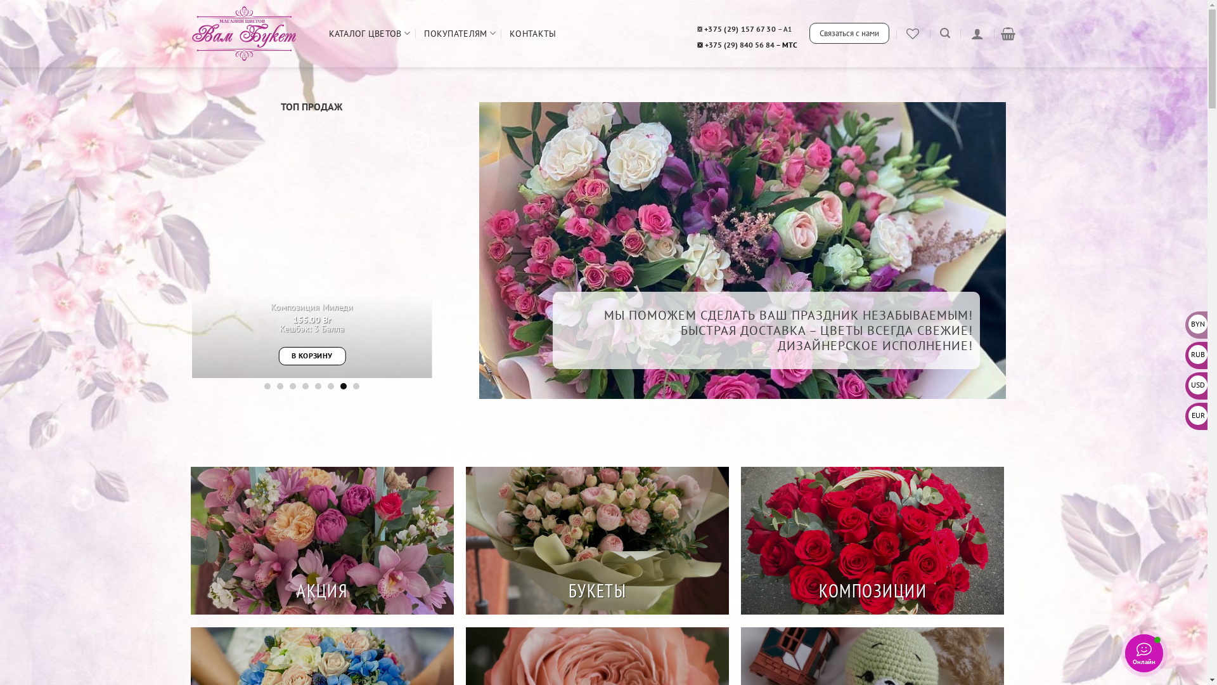 This screenshot has width=1217, height=685. I want to click on '+375 (29) 157 67 30', so click(740, 29).